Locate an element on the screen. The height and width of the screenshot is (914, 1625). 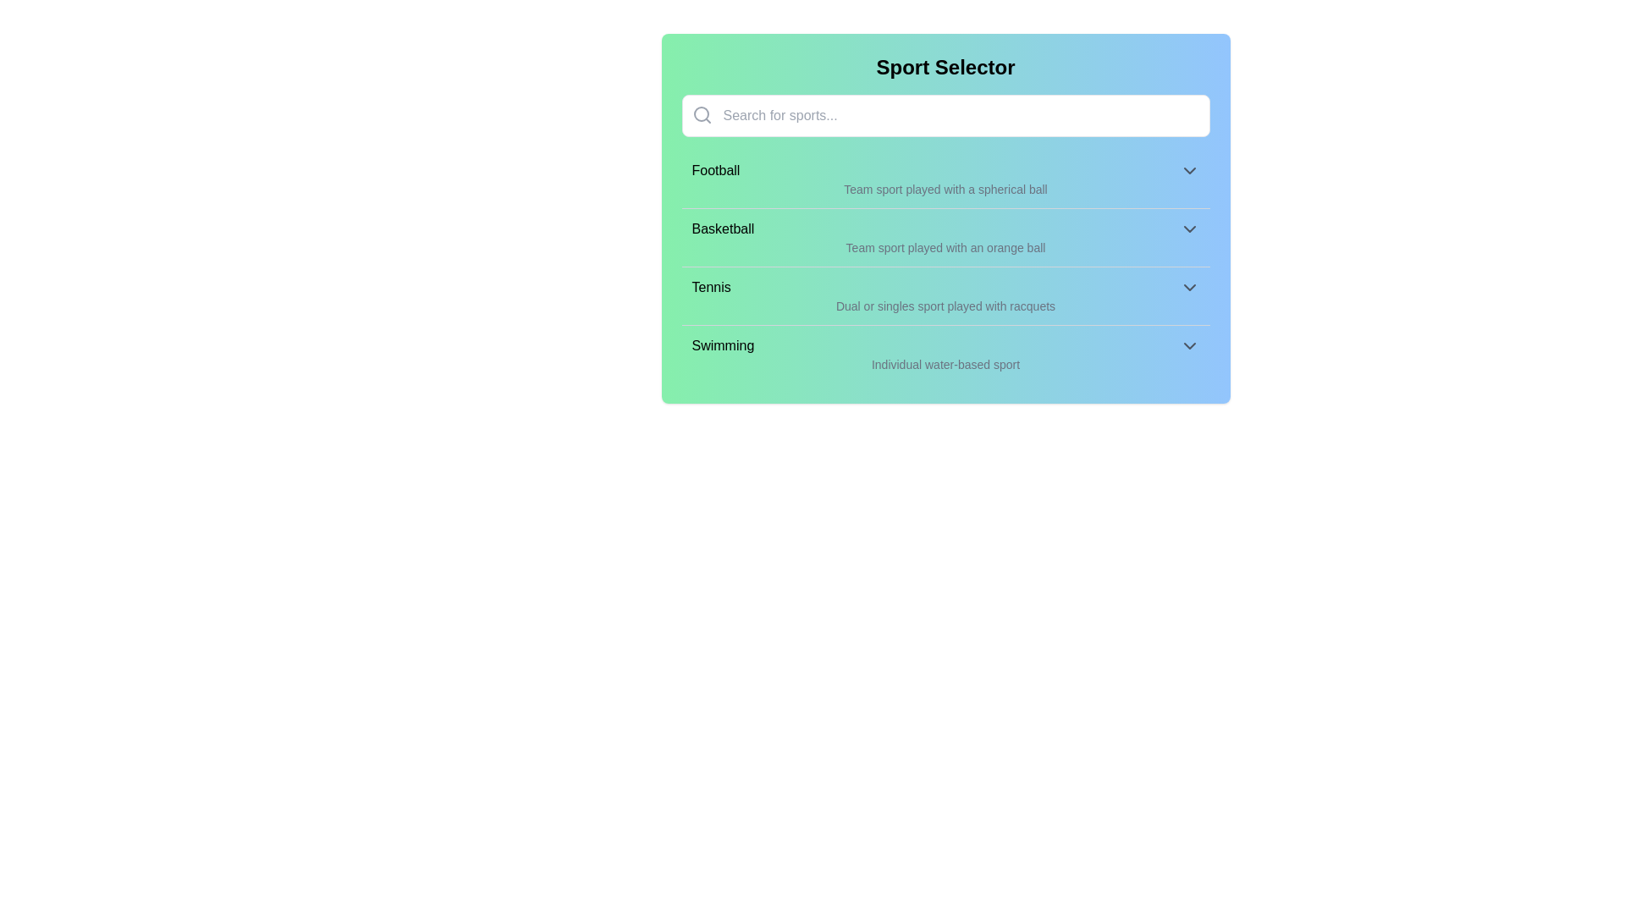
the label for the first sport option in the 'Sport Selector' box is located at coordinates (715, 170).